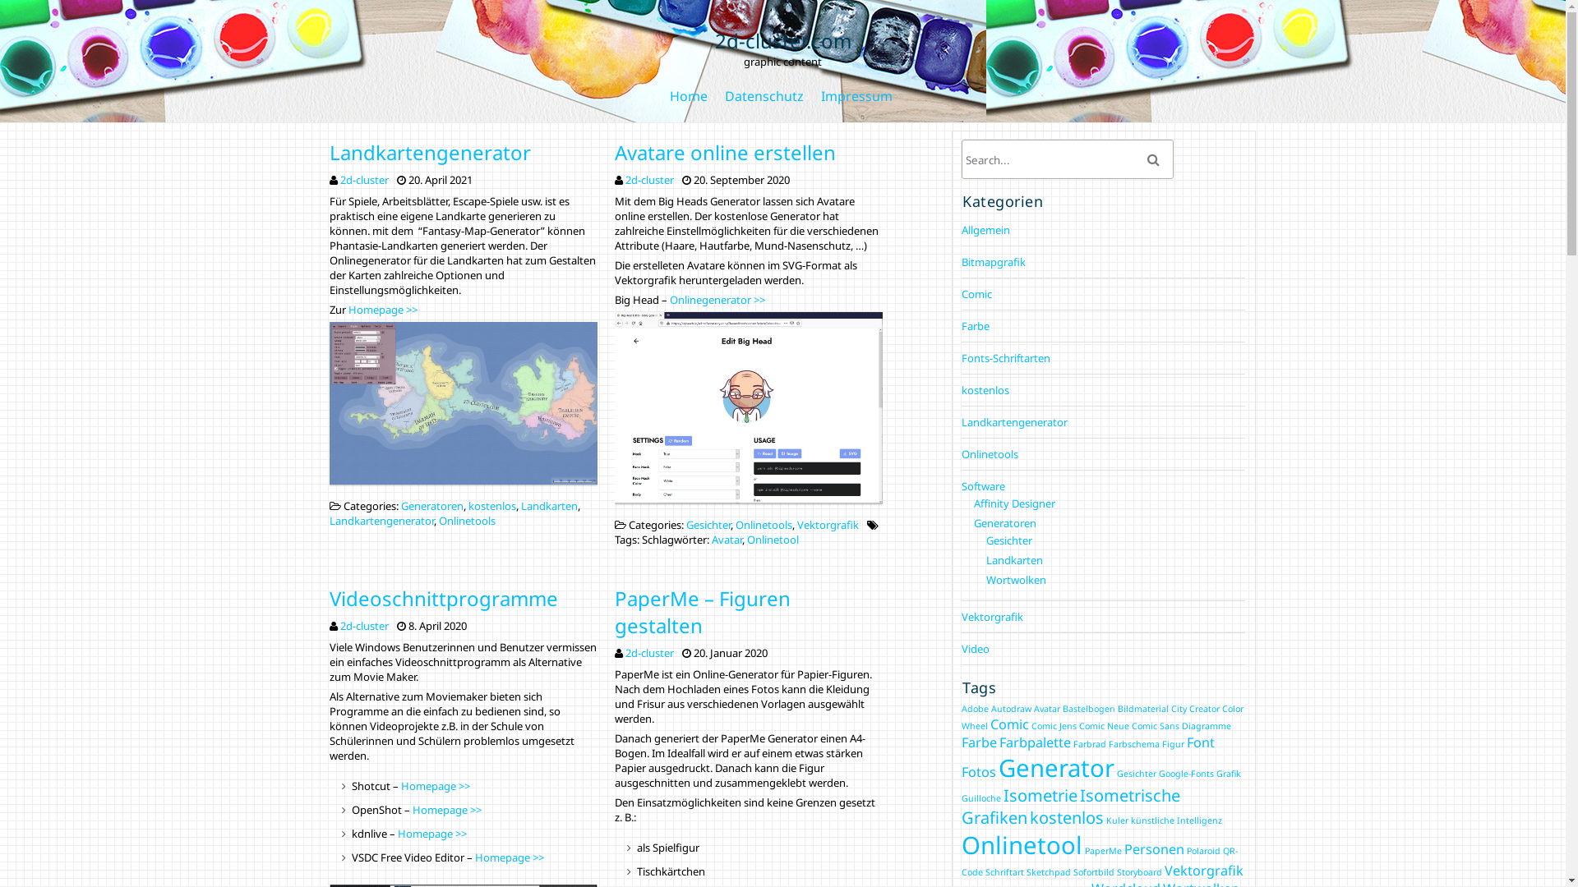  I want to click on 'Onlinetools', so click(763, 525).